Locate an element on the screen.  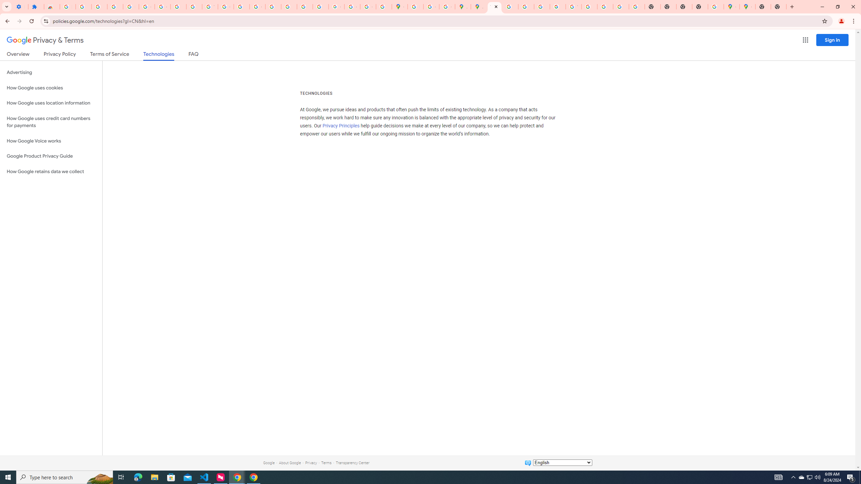
'New Tab' is located at coordinates (779, 6).